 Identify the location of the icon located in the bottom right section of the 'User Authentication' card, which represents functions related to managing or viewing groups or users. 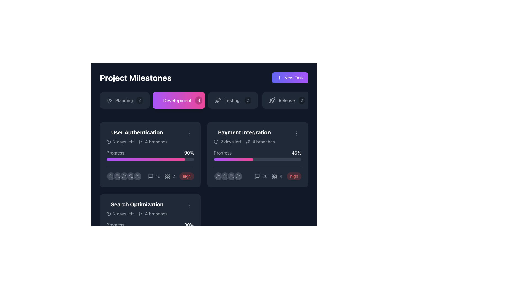
(218, 176).